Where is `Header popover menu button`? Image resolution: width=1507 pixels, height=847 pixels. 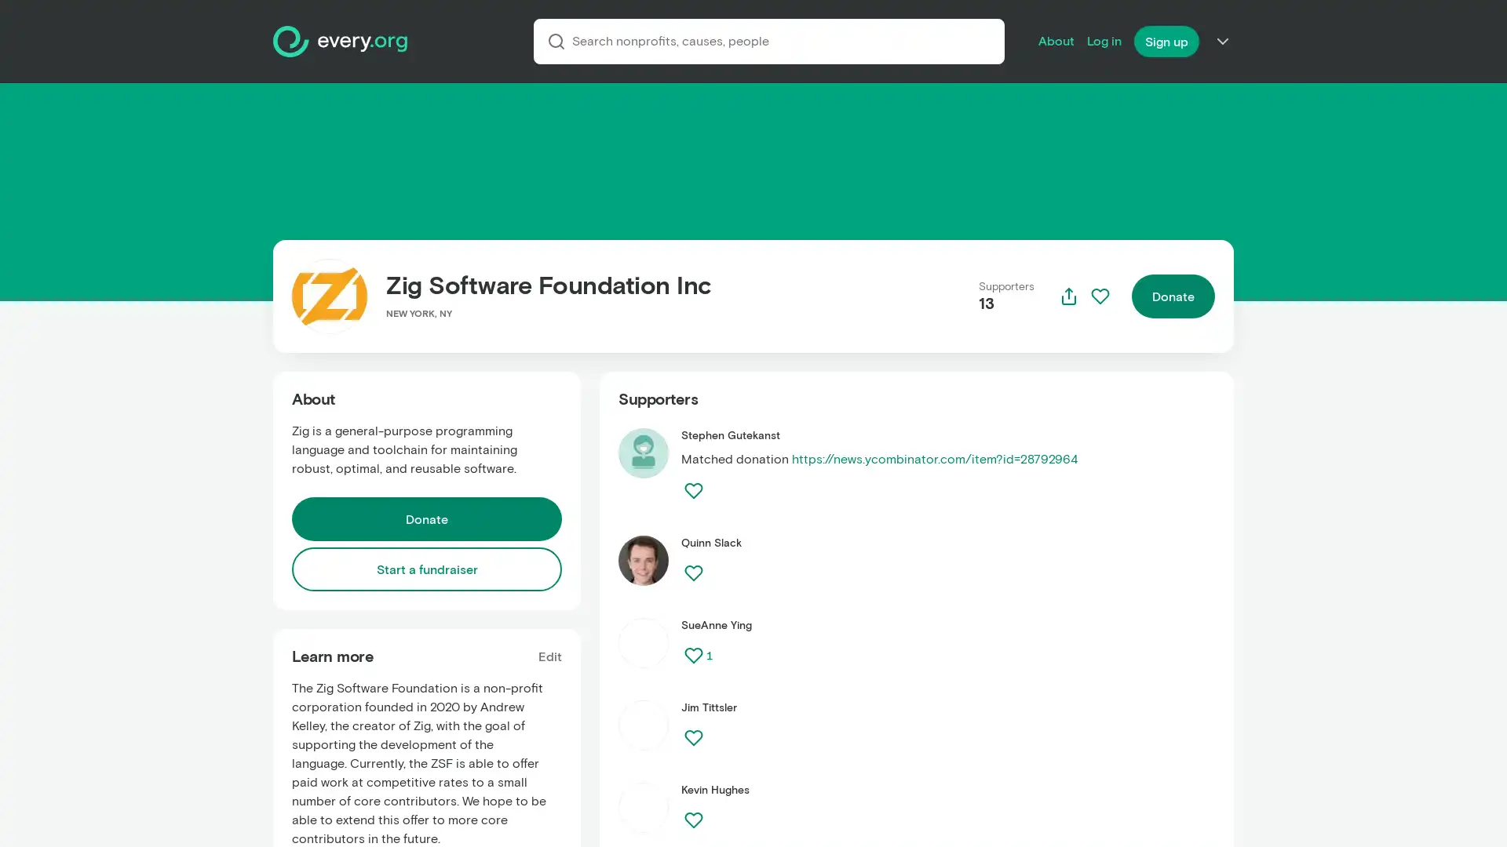 Header popover menu button is located at coordinates (1222, 41).